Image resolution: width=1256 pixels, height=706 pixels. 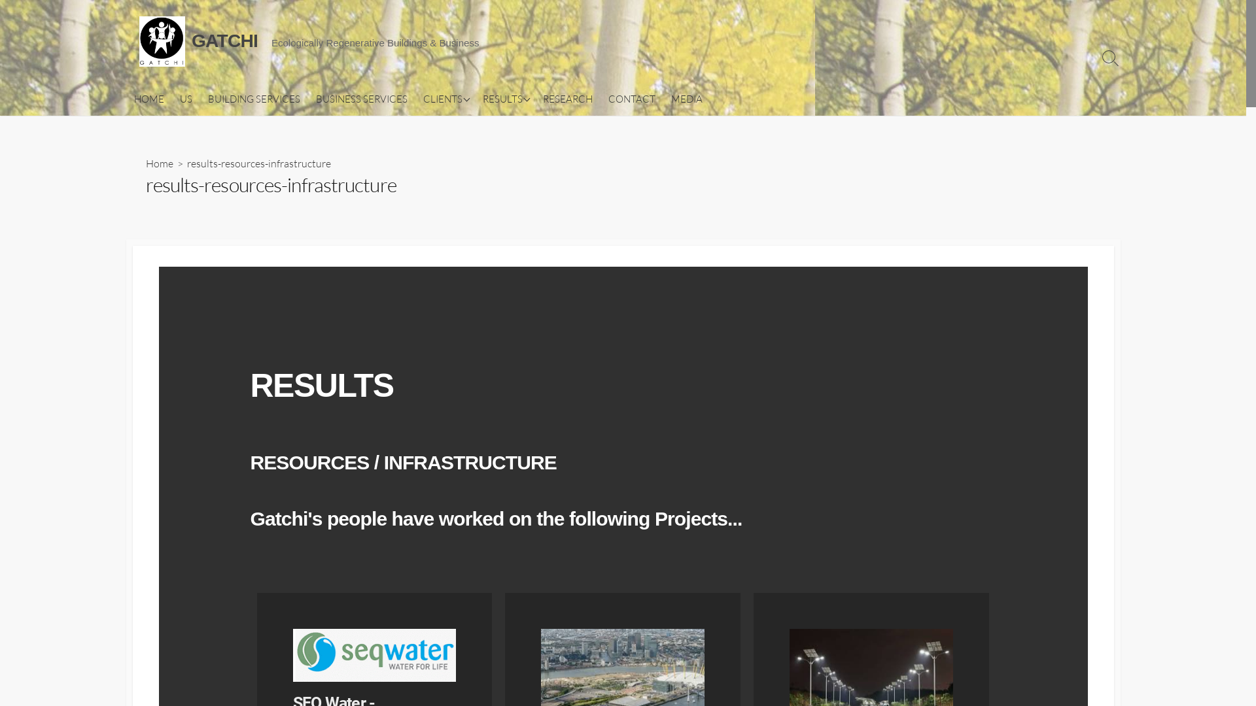 I want to click on 'Governments/Councils', so click(x=480, y=167).